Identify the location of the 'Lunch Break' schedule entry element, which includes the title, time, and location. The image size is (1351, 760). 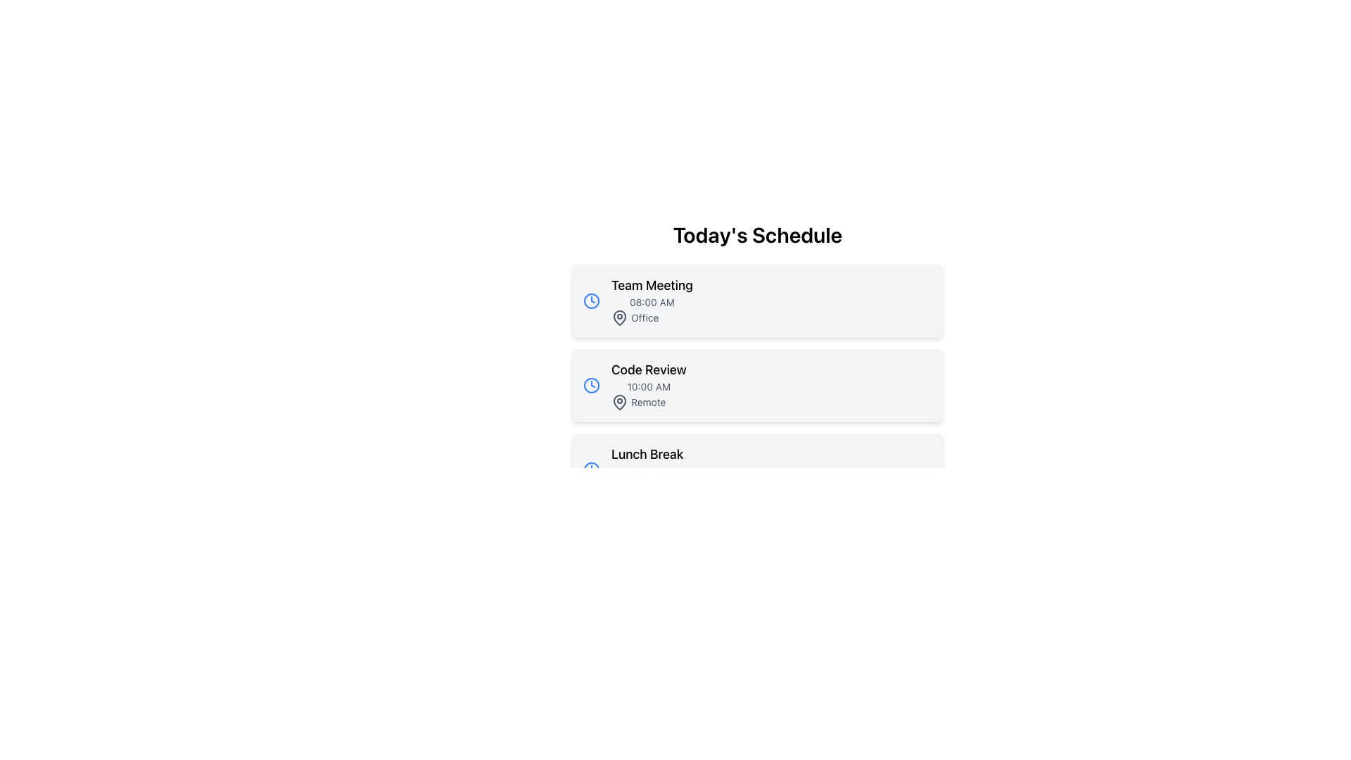
(647, 469).